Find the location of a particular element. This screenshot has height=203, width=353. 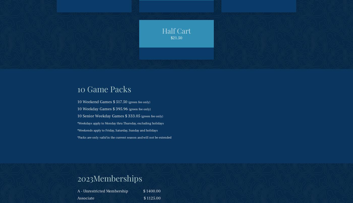

'10 Weekday Games $ 395.96' is located at coordinates (103, 108).